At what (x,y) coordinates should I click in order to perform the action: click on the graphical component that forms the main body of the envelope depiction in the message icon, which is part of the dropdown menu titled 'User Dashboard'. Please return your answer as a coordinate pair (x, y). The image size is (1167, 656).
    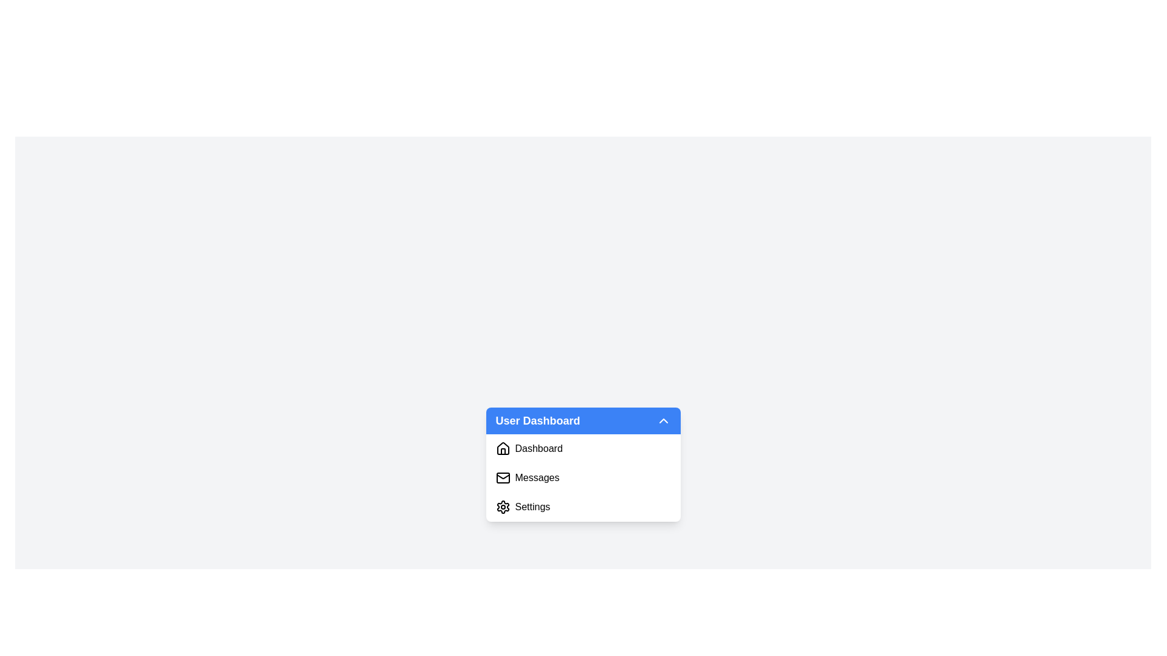
    Looking at the image, I should click on (503, 477).